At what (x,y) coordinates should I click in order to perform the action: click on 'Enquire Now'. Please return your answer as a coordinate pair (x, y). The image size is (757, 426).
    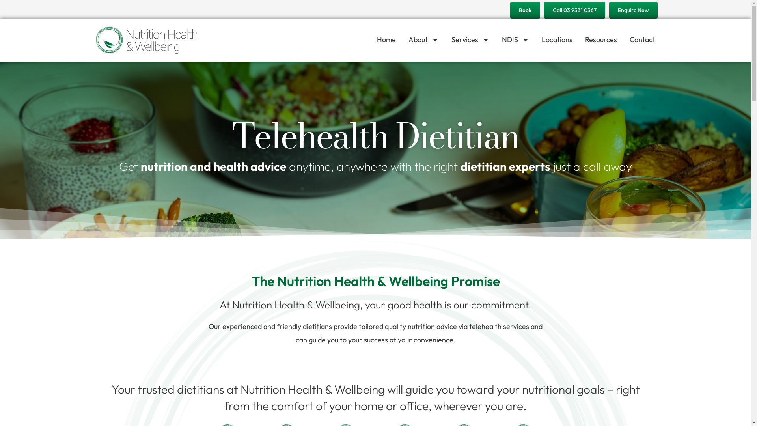
    Looking at the image, I should click on (633, 10).